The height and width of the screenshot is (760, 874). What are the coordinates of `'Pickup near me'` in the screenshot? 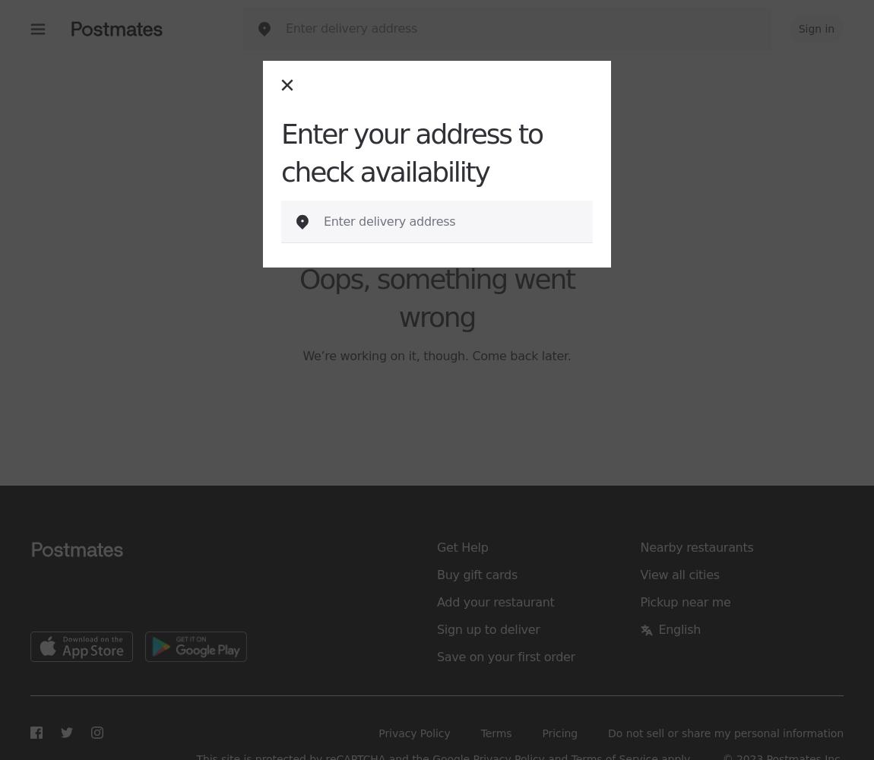 It's located at (639, 602).